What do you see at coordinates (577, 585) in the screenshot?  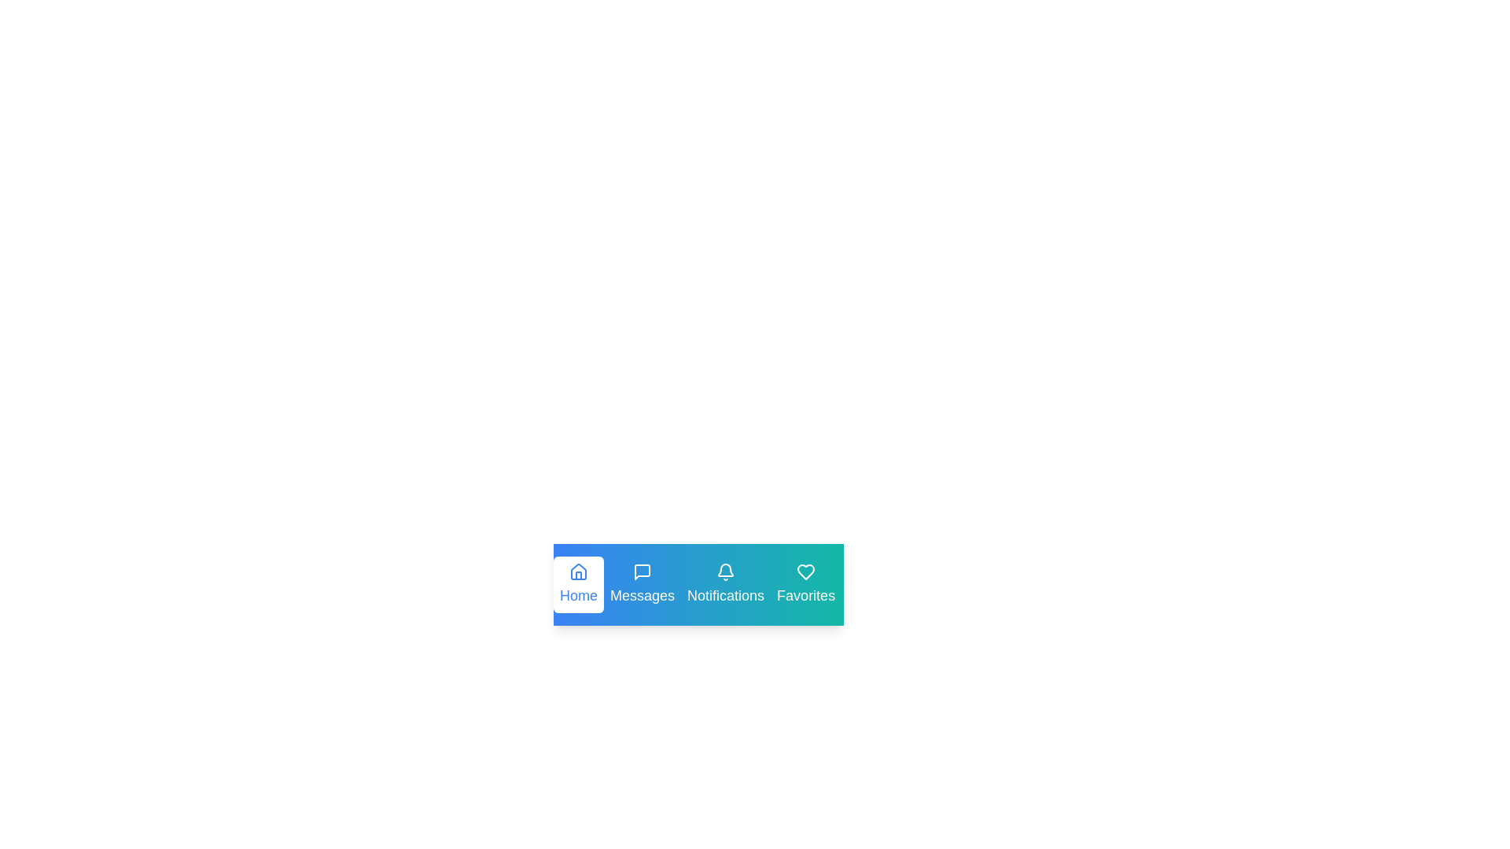 I see `the Home tab by clicking on it` at bounding box center [577, 585].